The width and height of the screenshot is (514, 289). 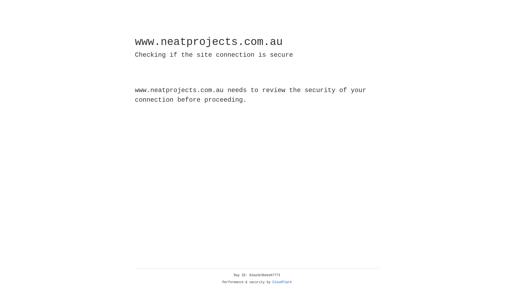 What do you see at coordinates (282, 282) in the screenshot?
I see `'Cloudflare'` at bounding box center [282, 282].